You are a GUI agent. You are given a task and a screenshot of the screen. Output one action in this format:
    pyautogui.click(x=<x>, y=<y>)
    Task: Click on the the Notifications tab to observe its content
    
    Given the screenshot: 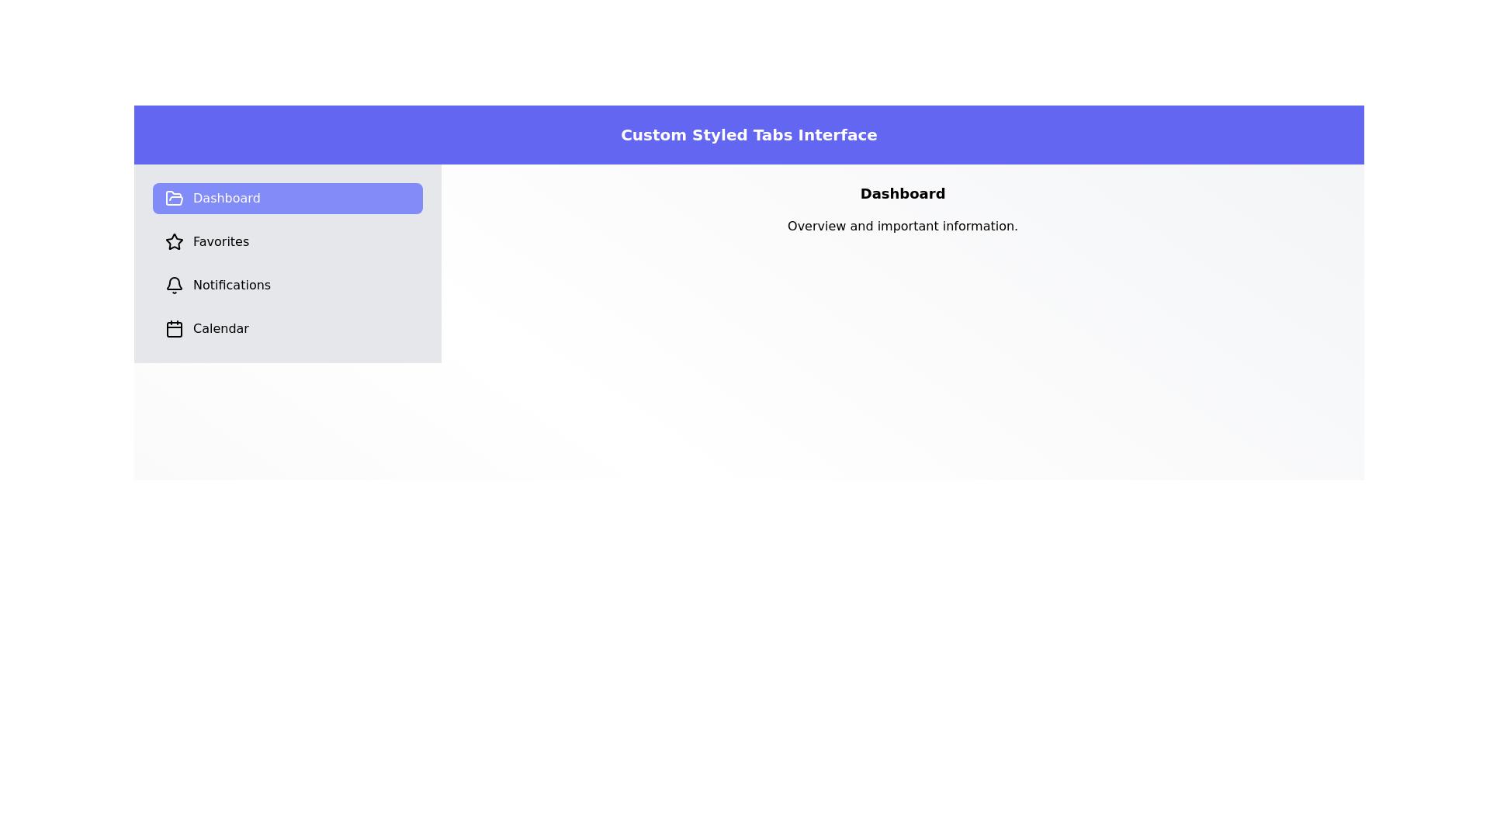 What is the action you would take?
    pyautogui.click(x=287, y=285)
    